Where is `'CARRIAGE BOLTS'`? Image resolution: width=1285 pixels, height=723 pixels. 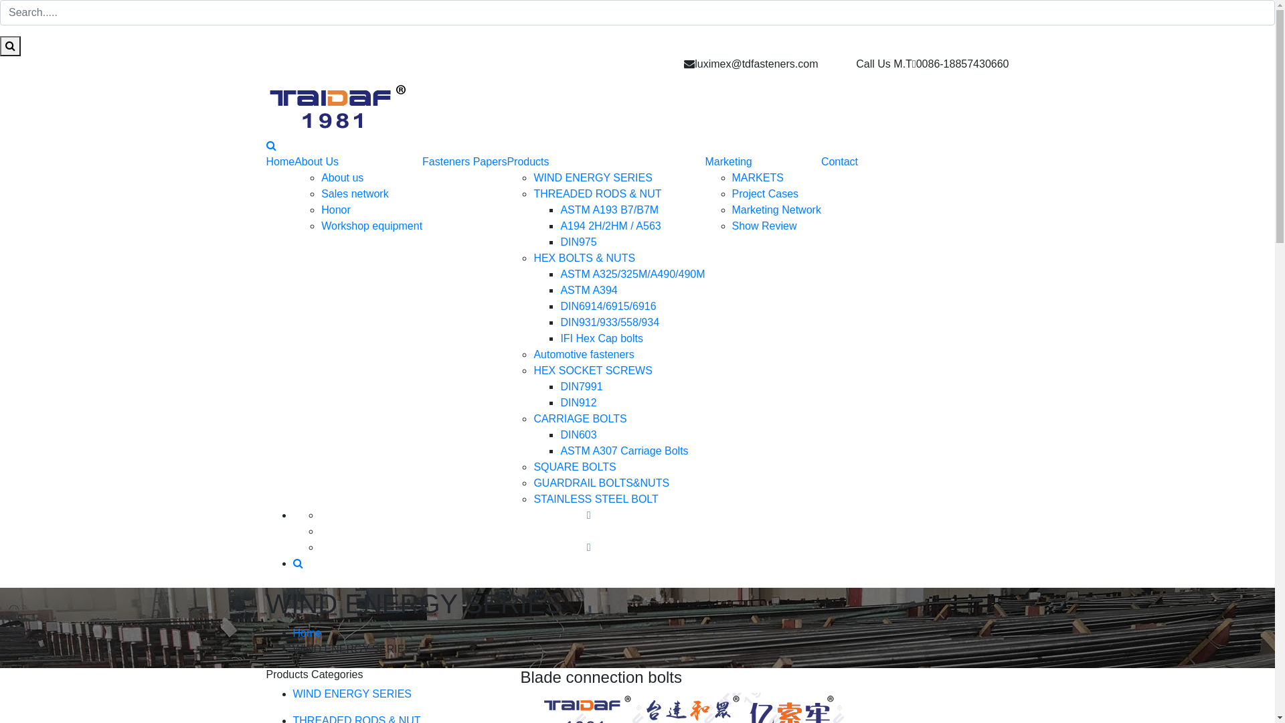
'CARRIAGE BOLTS' is located at coordinates (580, 418).